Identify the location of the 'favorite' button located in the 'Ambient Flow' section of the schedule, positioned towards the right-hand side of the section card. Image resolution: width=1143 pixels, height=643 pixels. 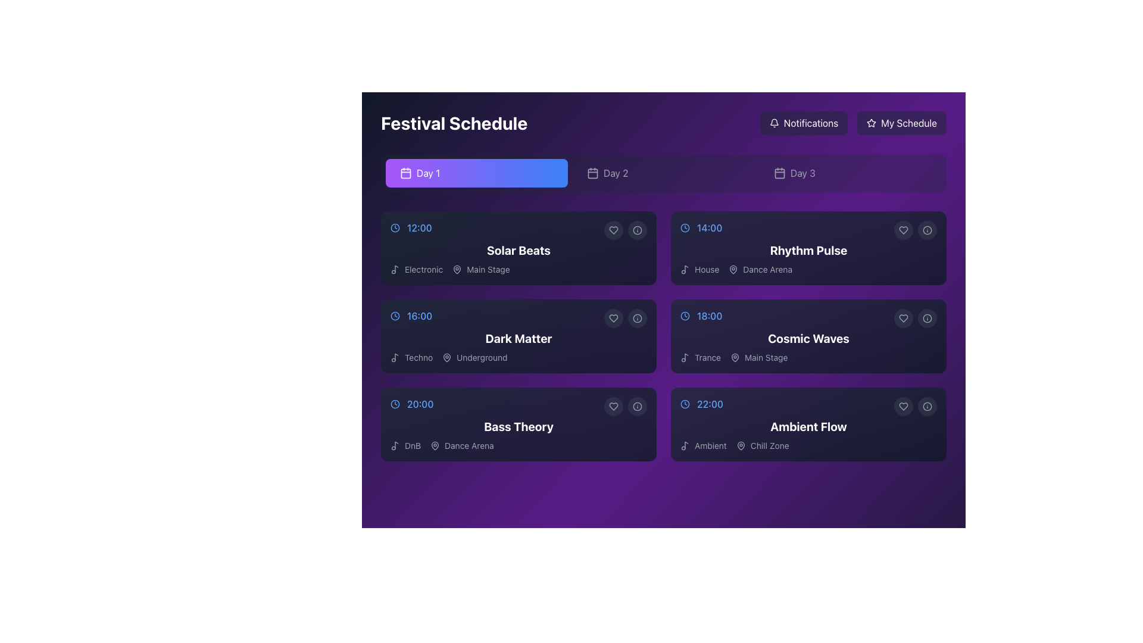
(903, 405).